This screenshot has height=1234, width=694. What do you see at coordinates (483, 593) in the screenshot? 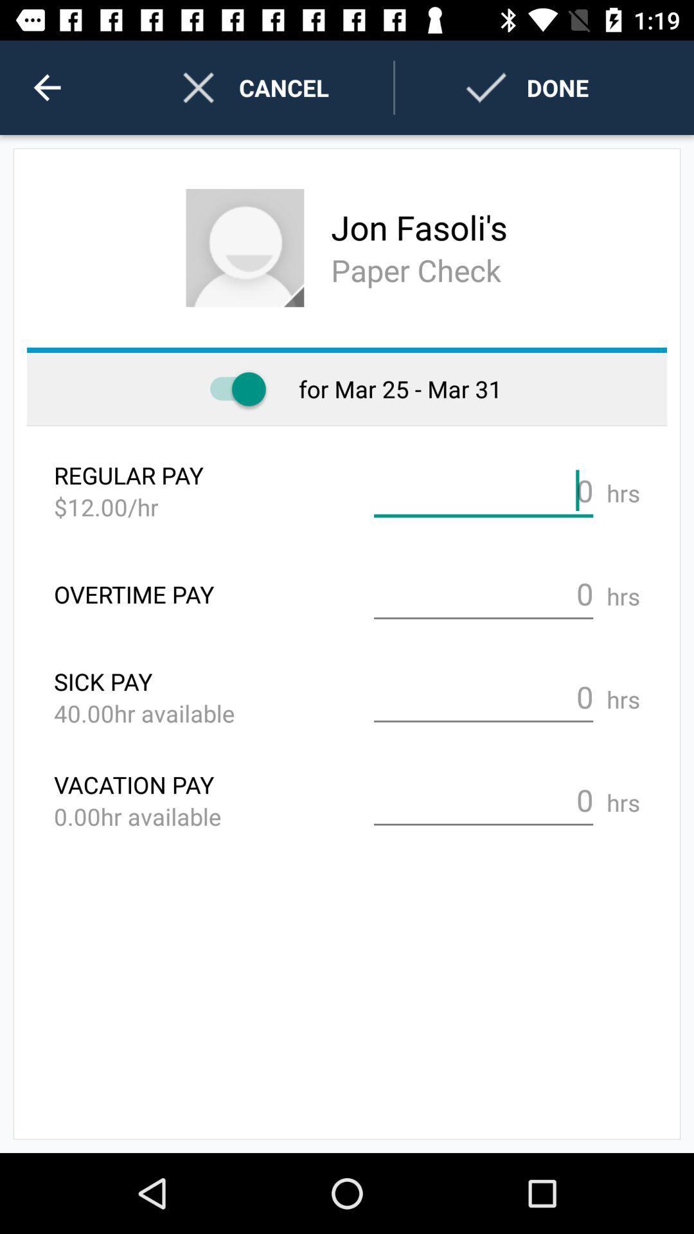
I see `total overtime hours` at bounding box center [483, 593].